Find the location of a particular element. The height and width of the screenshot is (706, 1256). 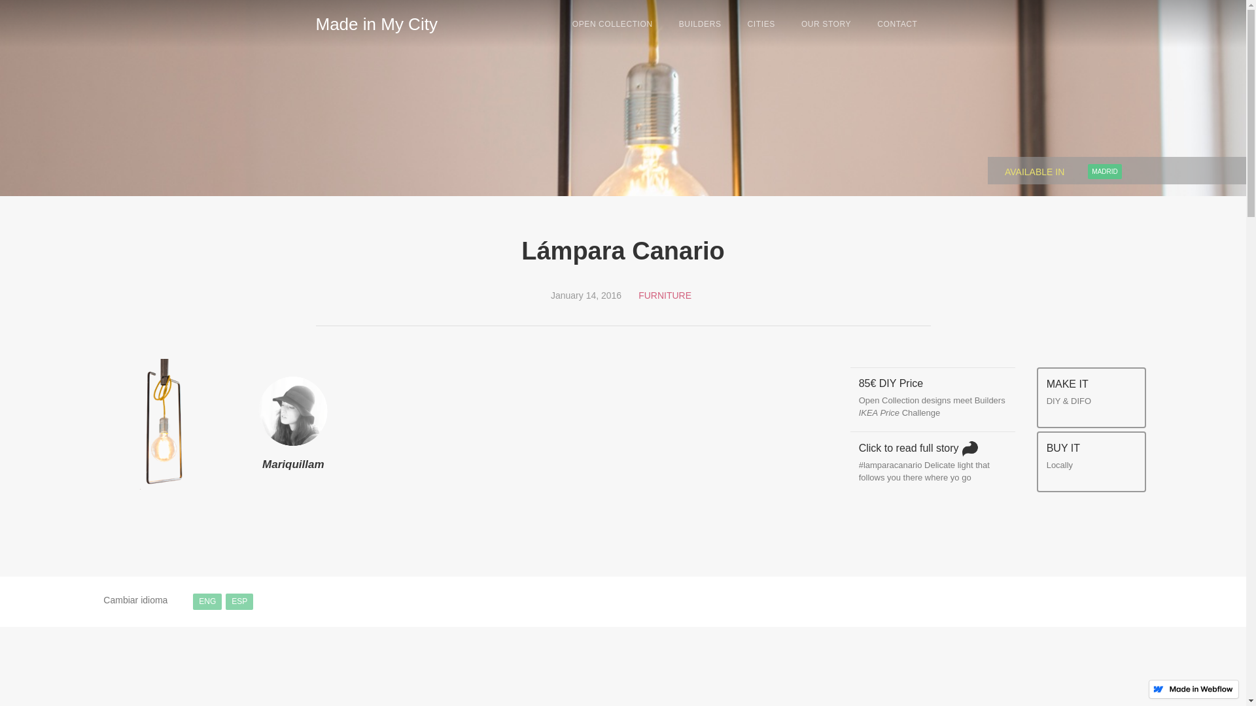

'BUILDERS' is located at coordinates (699, 24).